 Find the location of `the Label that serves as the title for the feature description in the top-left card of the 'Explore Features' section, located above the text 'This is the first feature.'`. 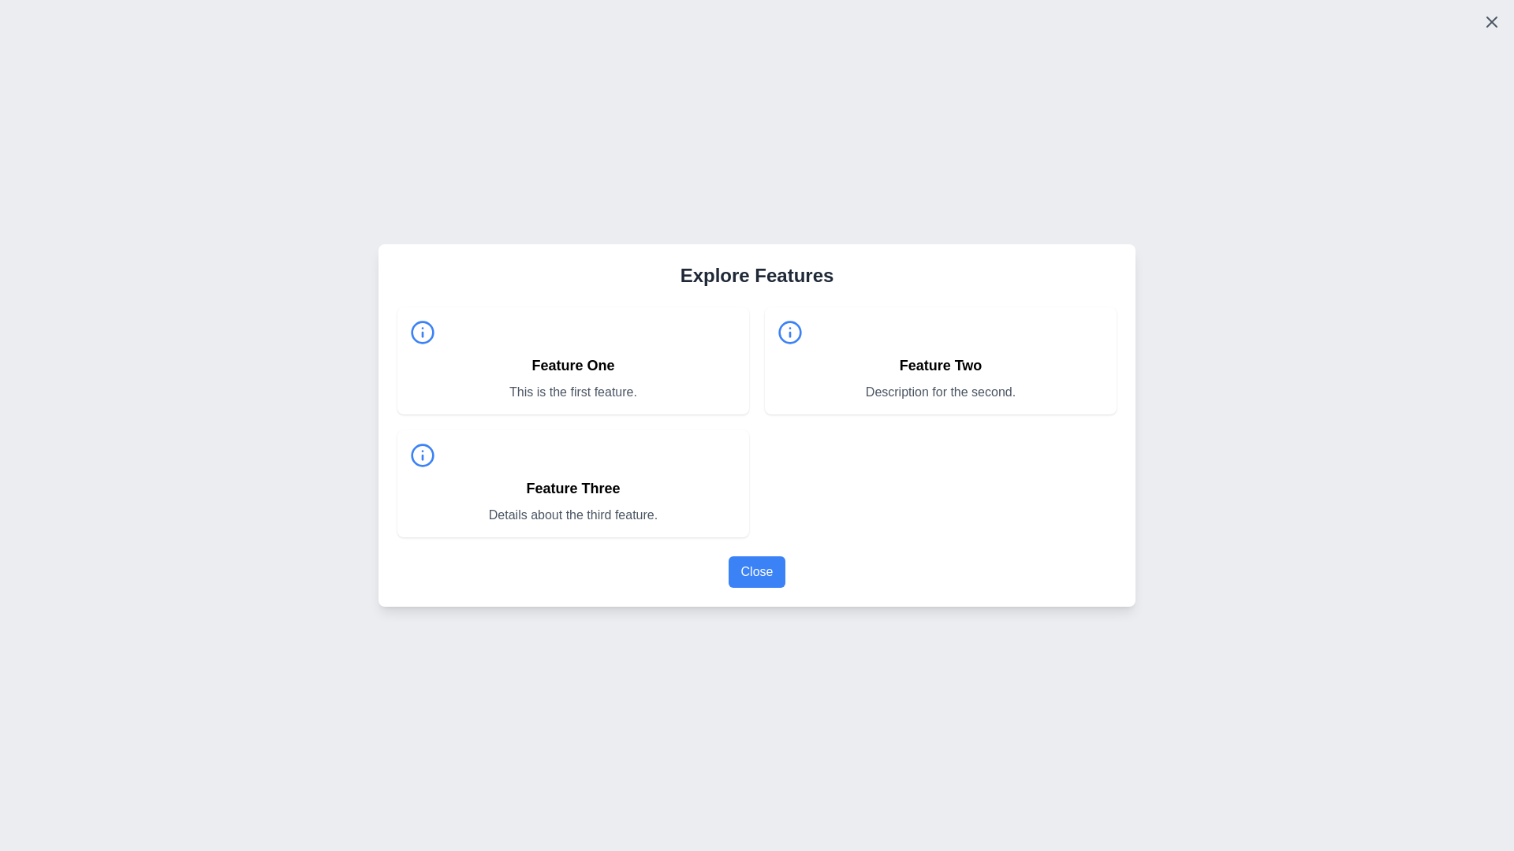

the Label that serves as the title for the feature description in the top-left card of the 'Explore Features' section, located above the text 'This is the first feature.' is located at coordinates (572, 365).